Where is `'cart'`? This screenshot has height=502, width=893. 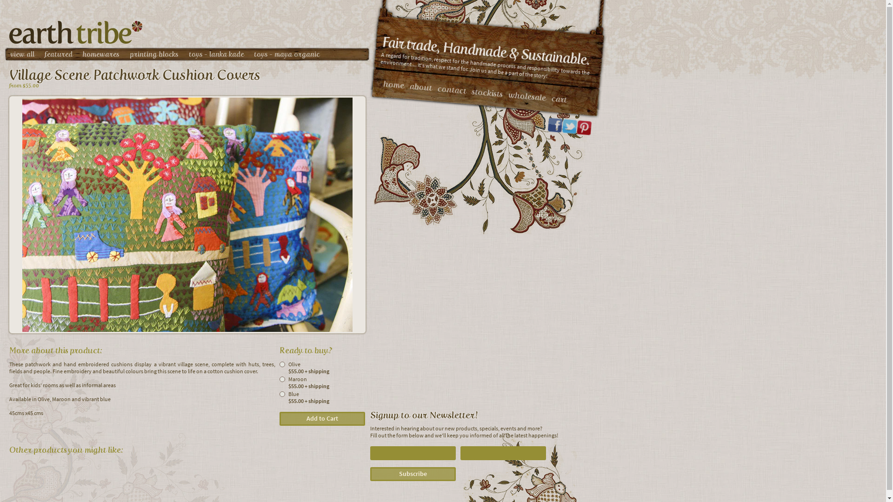 'cart' is located at coordinates (558, 99).